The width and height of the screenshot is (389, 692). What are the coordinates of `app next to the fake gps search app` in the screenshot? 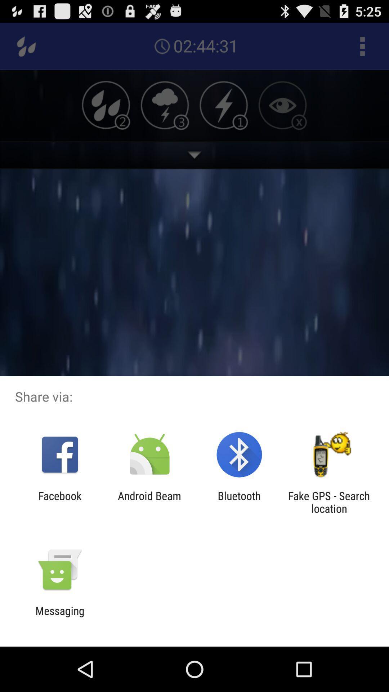 It's located at (239, 502).